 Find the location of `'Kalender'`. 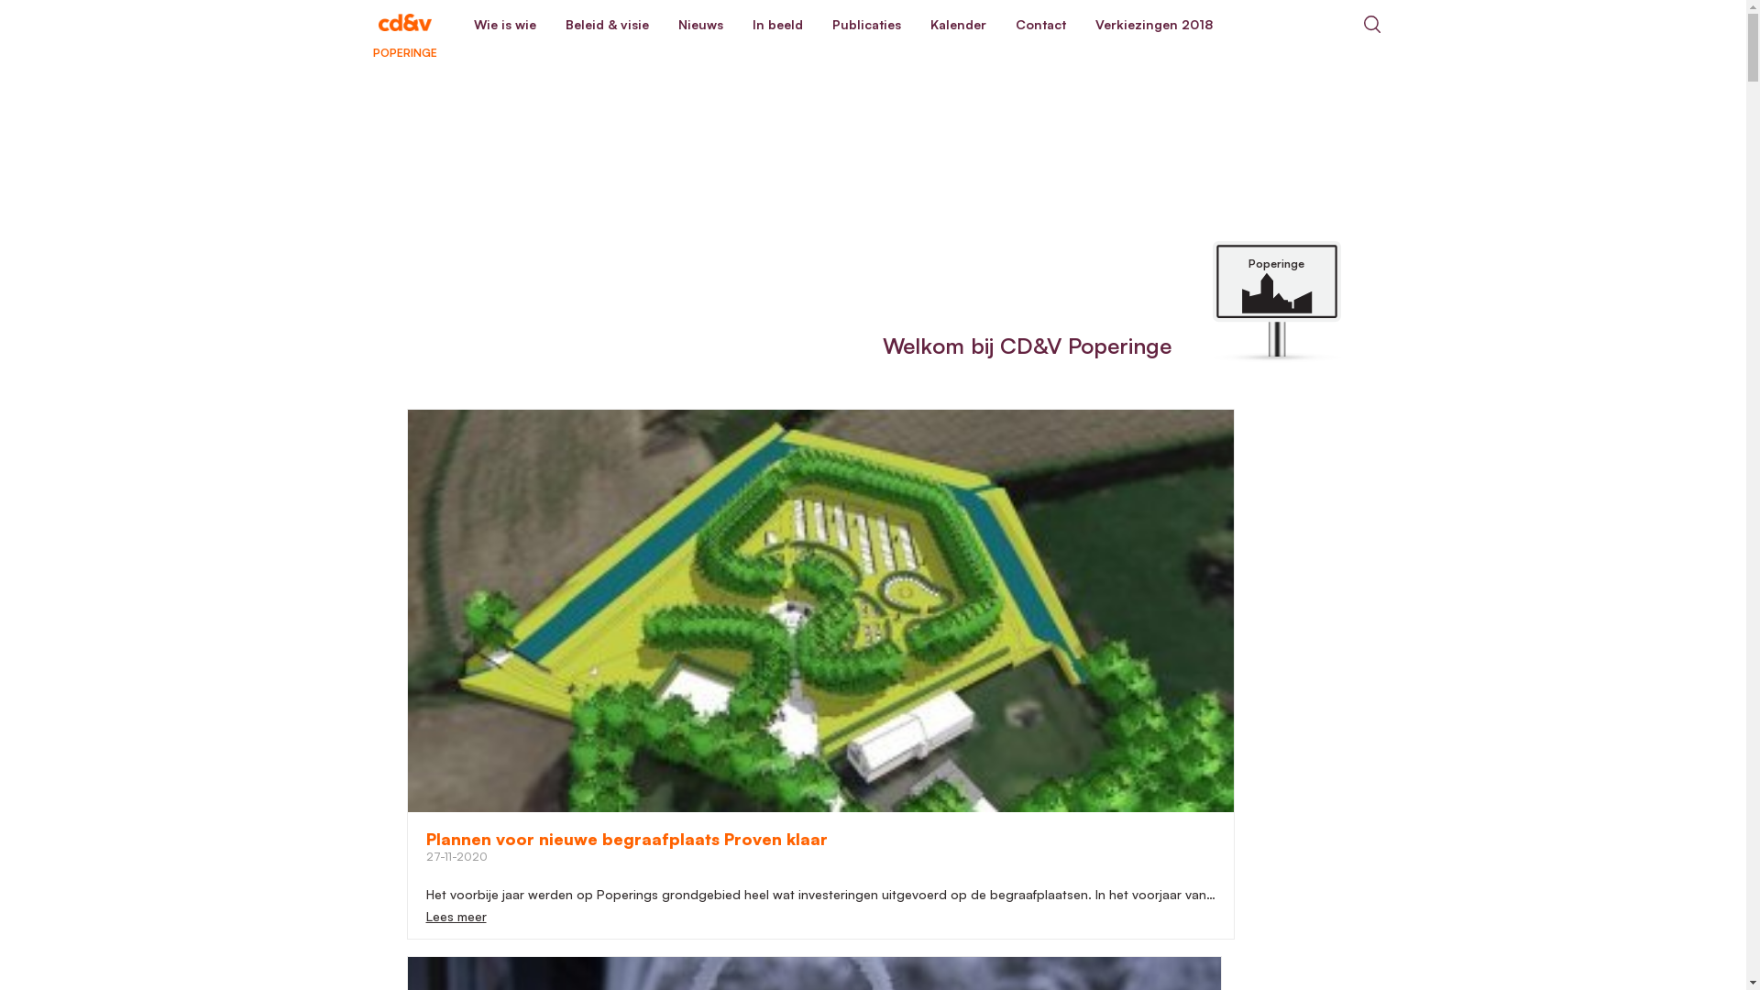

'Kalender' is located at coordinates (956, 25).